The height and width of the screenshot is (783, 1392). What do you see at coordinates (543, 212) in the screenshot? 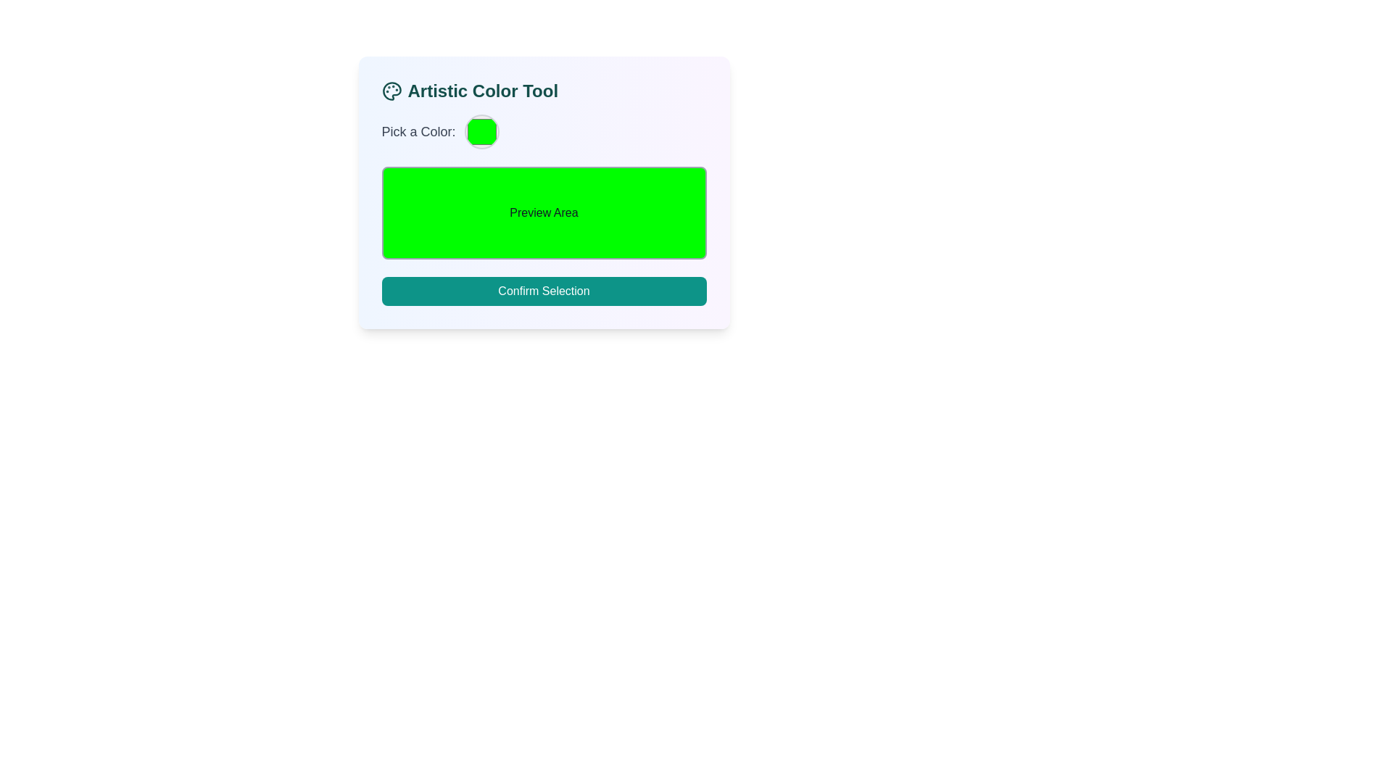
I see `the preview display box with a bright green background and the text 'Preview Area' centered inside, which is located below 'Pick a Color:' and above the 'Confirm Selection' button` at bounding box center [543, 212].